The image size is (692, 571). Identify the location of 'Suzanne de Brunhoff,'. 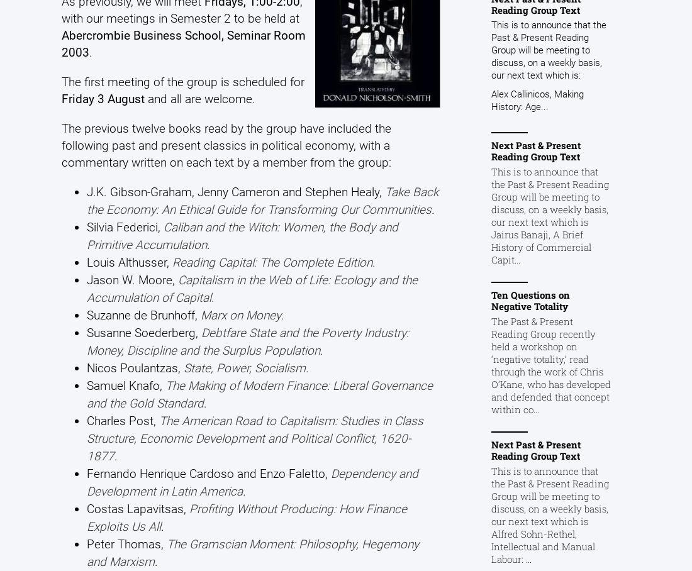
(143, 314).